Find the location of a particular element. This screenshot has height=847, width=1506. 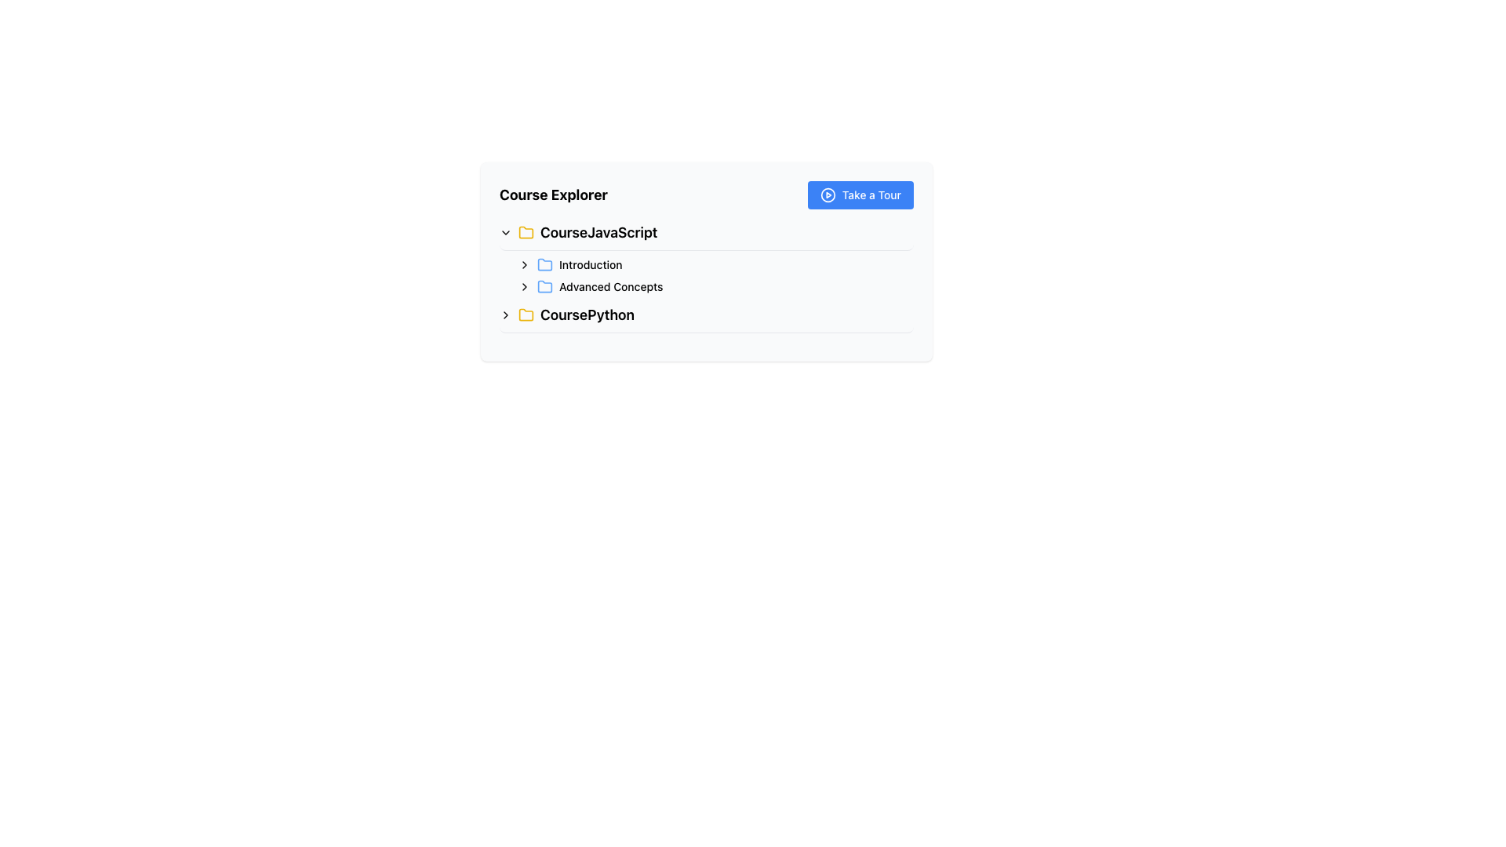

the rightward chevron icon indicating collapsibility in the 'CoursePython' row is located at coordinates (505, 314).